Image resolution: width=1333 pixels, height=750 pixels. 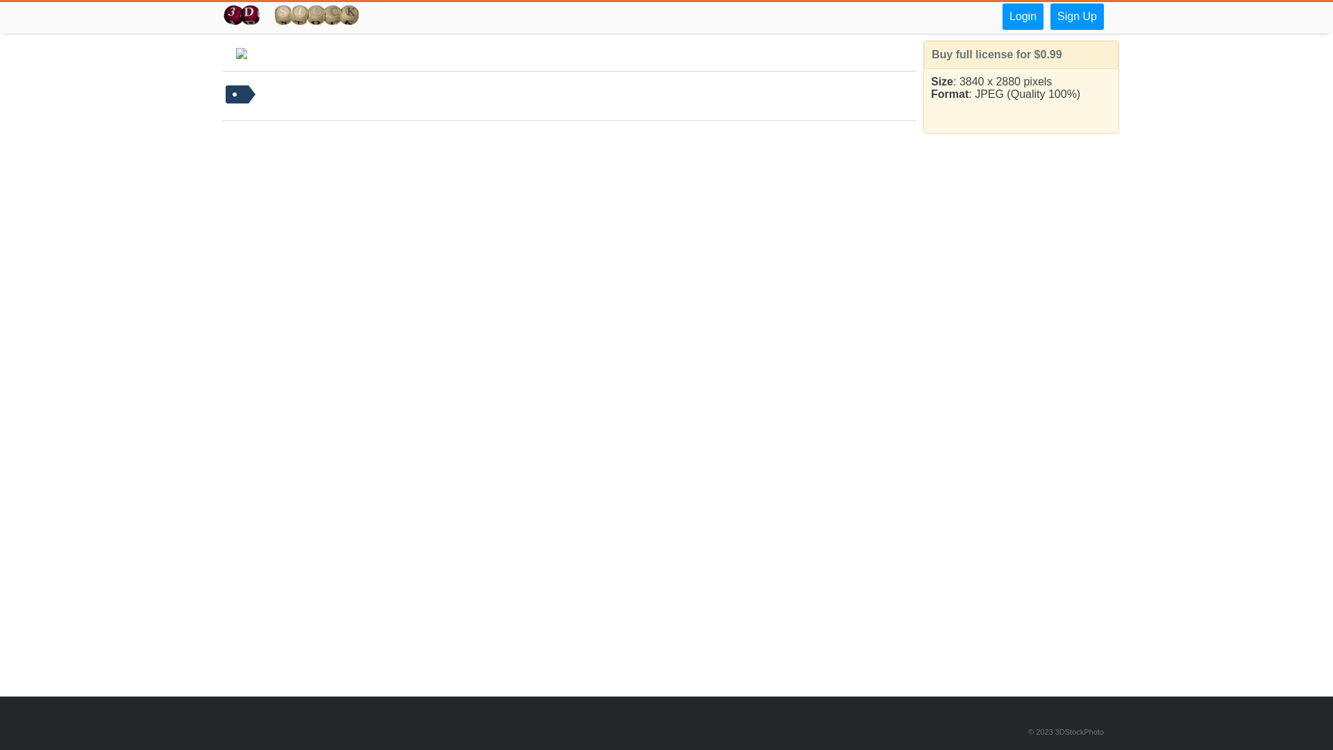 What do you see at coordinates (1003, 16) in the screenshot?
I see `'Login'` at bounding box center [1003, 16].